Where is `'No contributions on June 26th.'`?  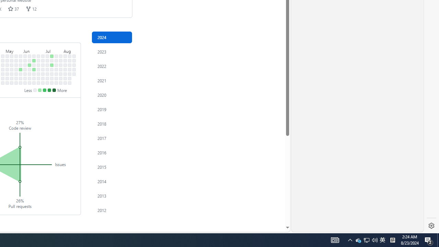
'No contributions on June 26th.' is located at coordinates (38, 69).